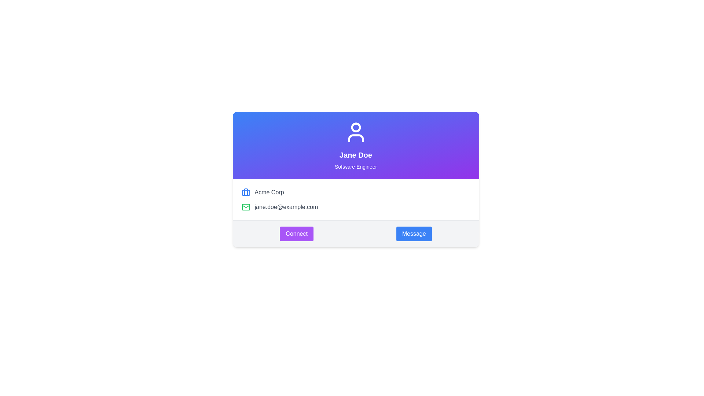  I want to click on the Information Display Row that displays the user's email address, located below 'Acme Corp' in the contact card section, so click(356, 207).